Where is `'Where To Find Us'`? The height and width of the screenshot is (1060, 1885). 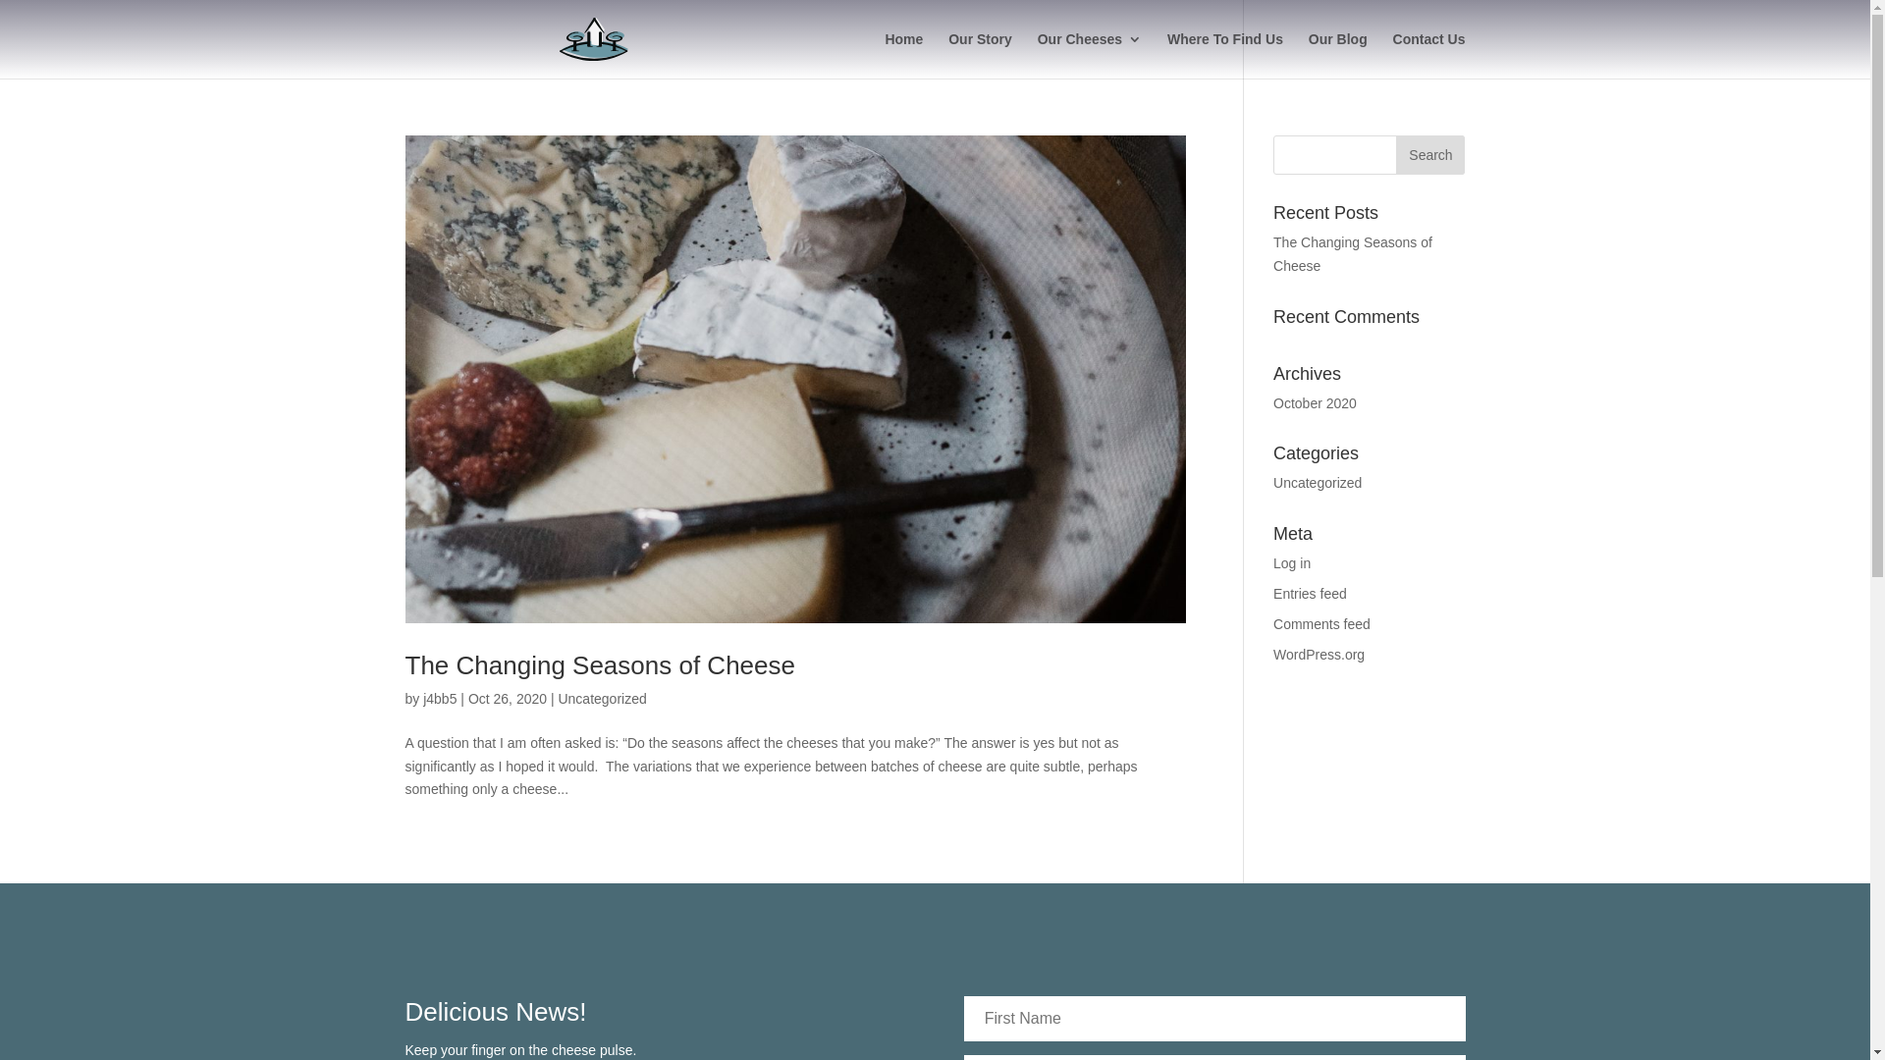
'Where To Find Us' is located at coordinates (1224, 54).